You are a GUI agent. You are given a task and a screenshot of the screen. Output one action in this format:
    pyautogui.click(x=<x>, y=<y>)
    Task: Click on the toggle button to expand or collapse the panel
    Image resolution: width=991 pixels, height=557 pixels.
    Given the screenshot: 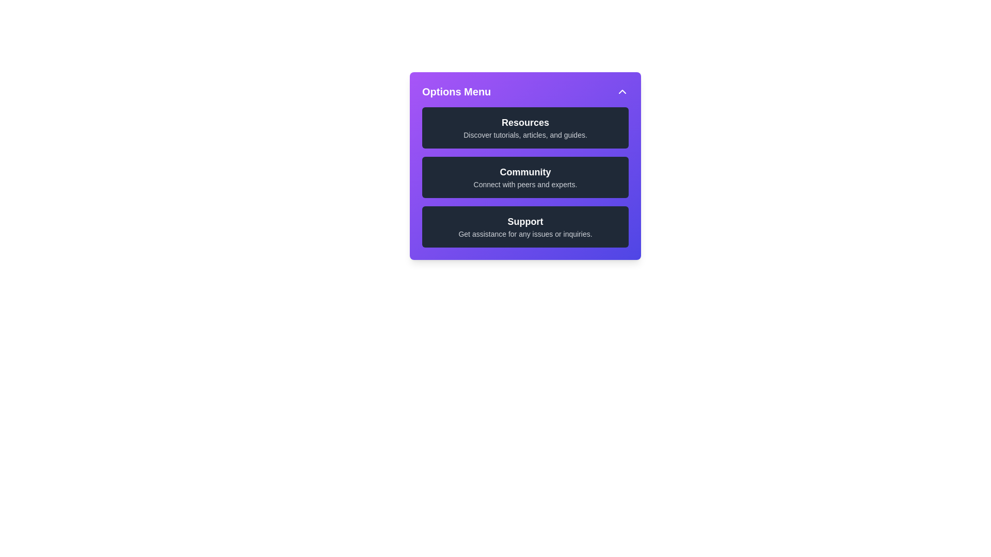 What is the action you would take?
    pyautogui.click(x=621, y=91)
    